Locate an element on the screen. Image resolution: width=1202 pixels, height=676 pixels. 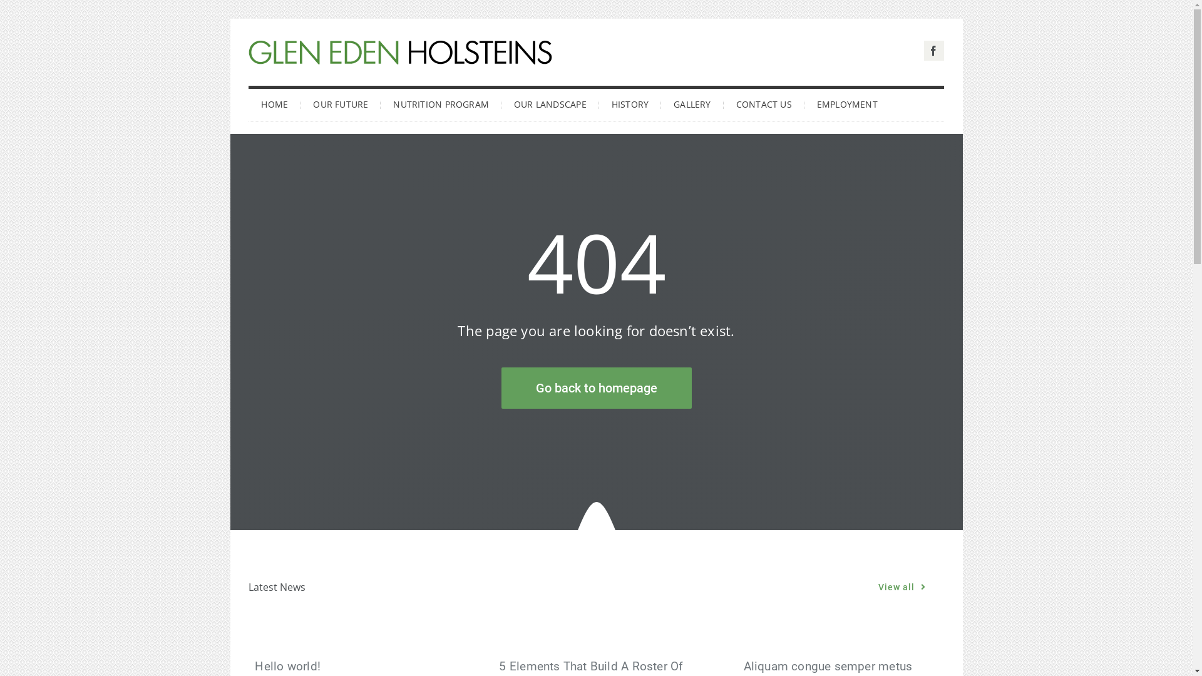
'CONTACT US' is located at coordinates (763, 103).